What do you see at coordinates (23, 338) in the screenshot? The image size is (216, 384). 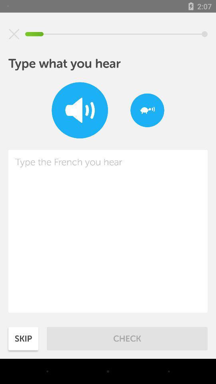 I see `the item next to check icon` at bounding box center [23, 338].